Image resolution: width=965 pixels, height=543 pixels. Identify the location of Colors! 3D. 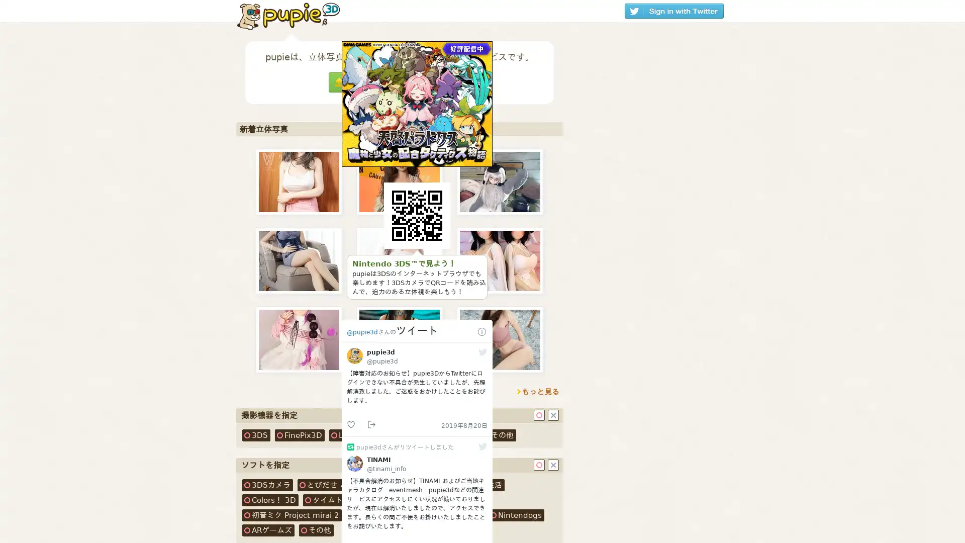
(270, 500).